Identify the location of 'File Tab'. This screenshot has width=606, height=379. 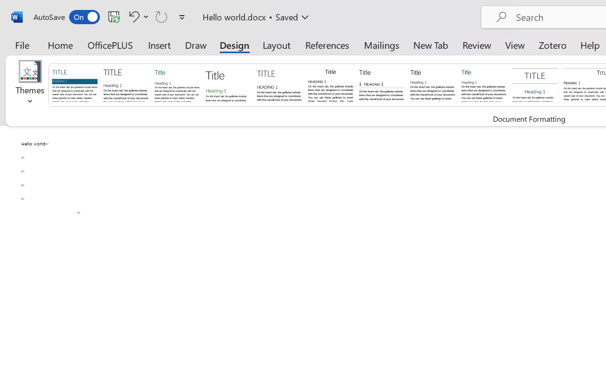
(22, 45).